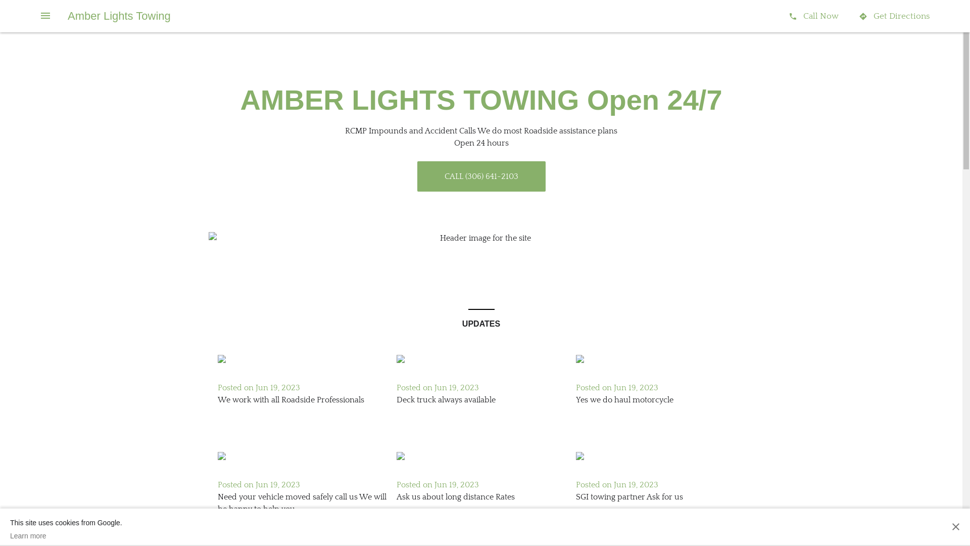  Describe the element at coordinates (258, 387) in the screenshot. I see `'Posted on Jun 19, 2023'` at that location.